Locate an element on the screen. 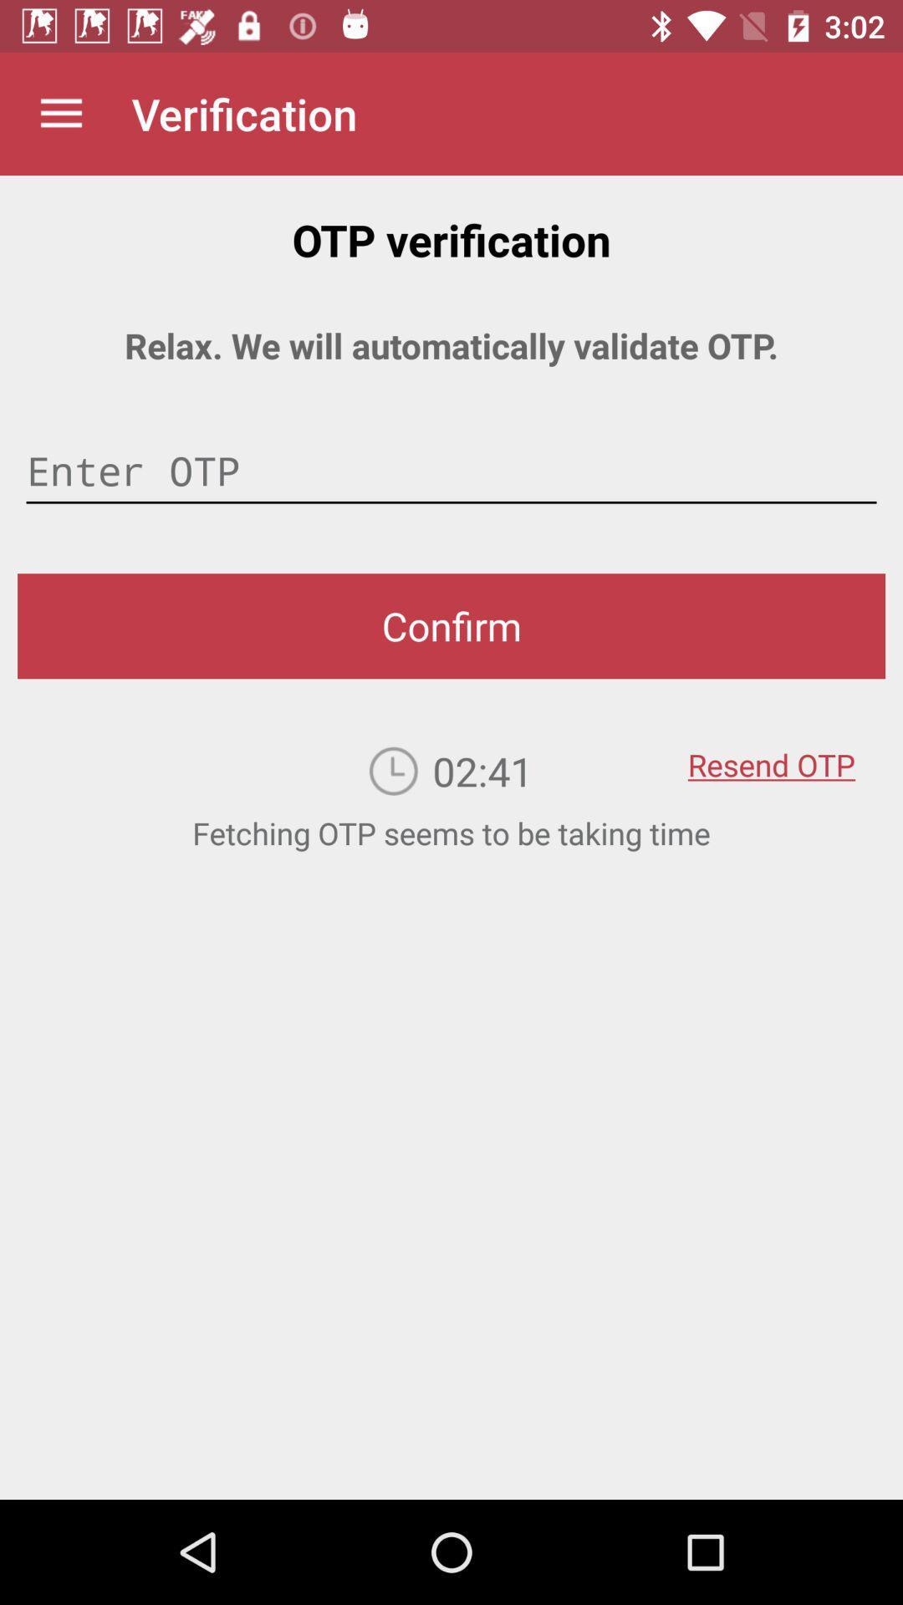 Image resolution: width=903 pixels, height=1605 pixels. confirm is located at coordinates (451, 625).